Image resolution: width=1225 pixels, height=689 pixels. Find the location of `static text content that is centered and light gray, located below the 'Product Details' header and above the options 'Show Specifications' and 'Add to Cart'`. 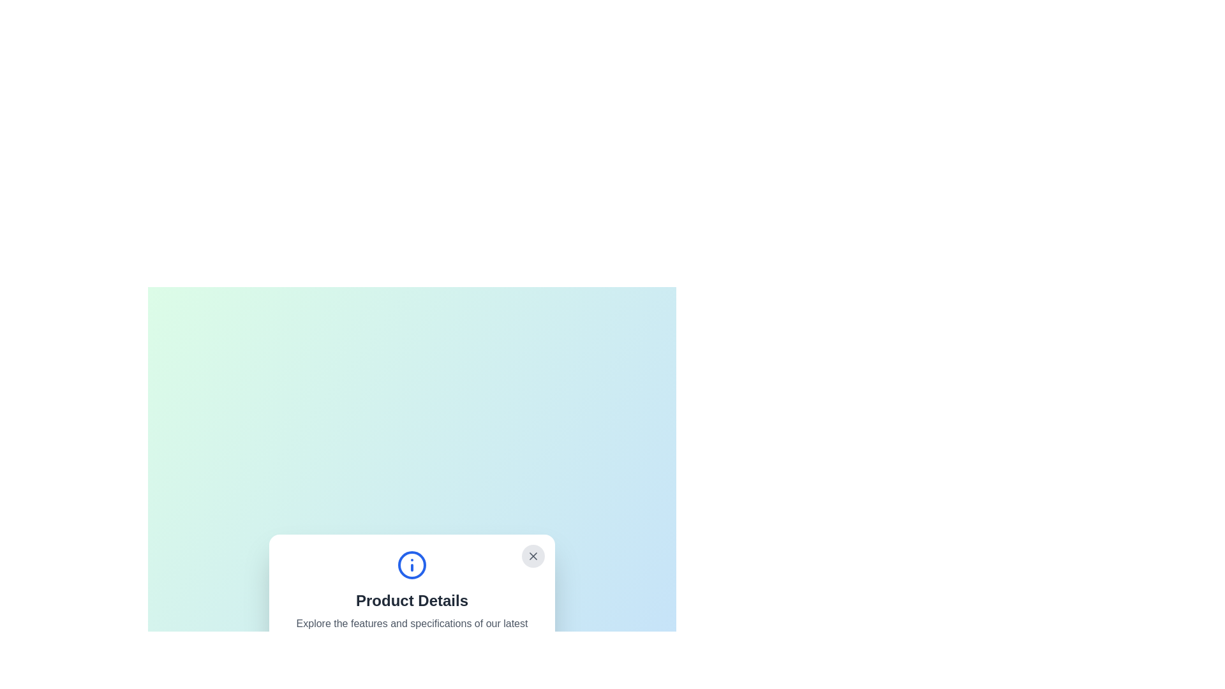

static text content that is centered and light gray, located below the 'Product Details' header and above the options 'Show Specifications' and 'Add to Cart' is located at coordinates (412, 632).